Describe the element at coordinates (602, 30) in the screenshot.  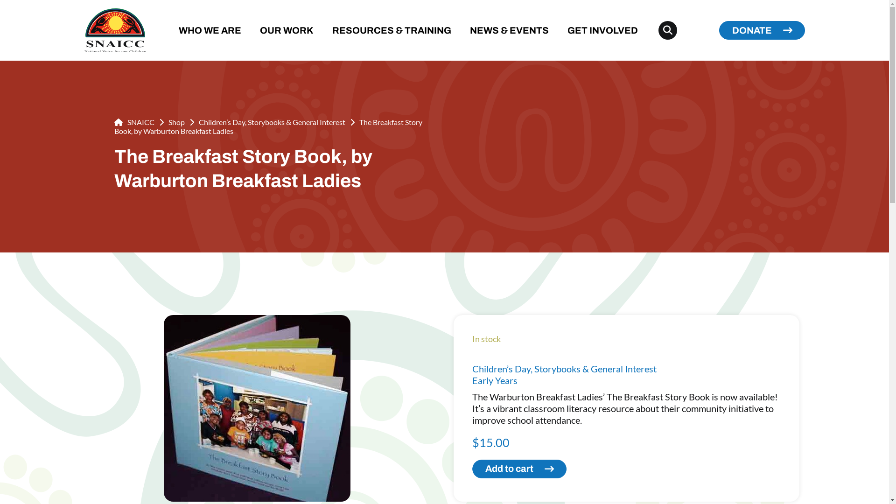
I see `'GET INVOLVED'` at that location.